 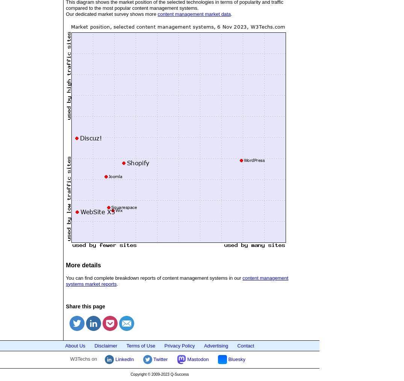 What do you see at coordinates (245, 345) in the screenshot?
I see `'Contact'` at bounding box center [245, 345].